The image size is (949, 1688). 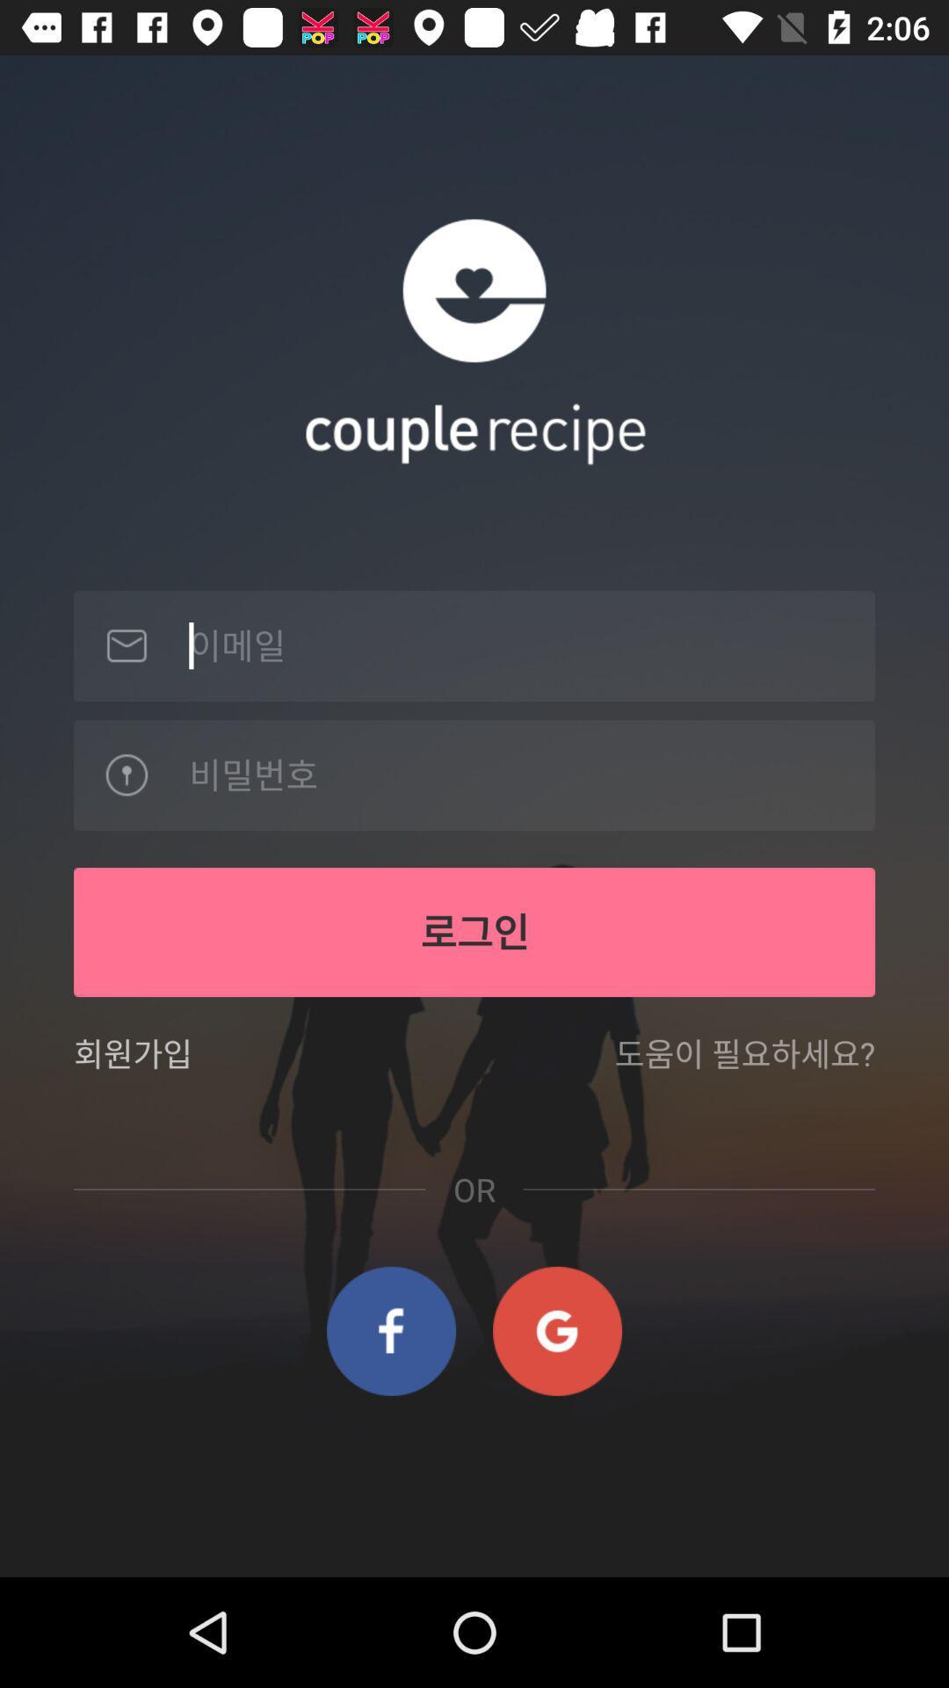 I want to click on item below the or, so click(x=557, y=1331).